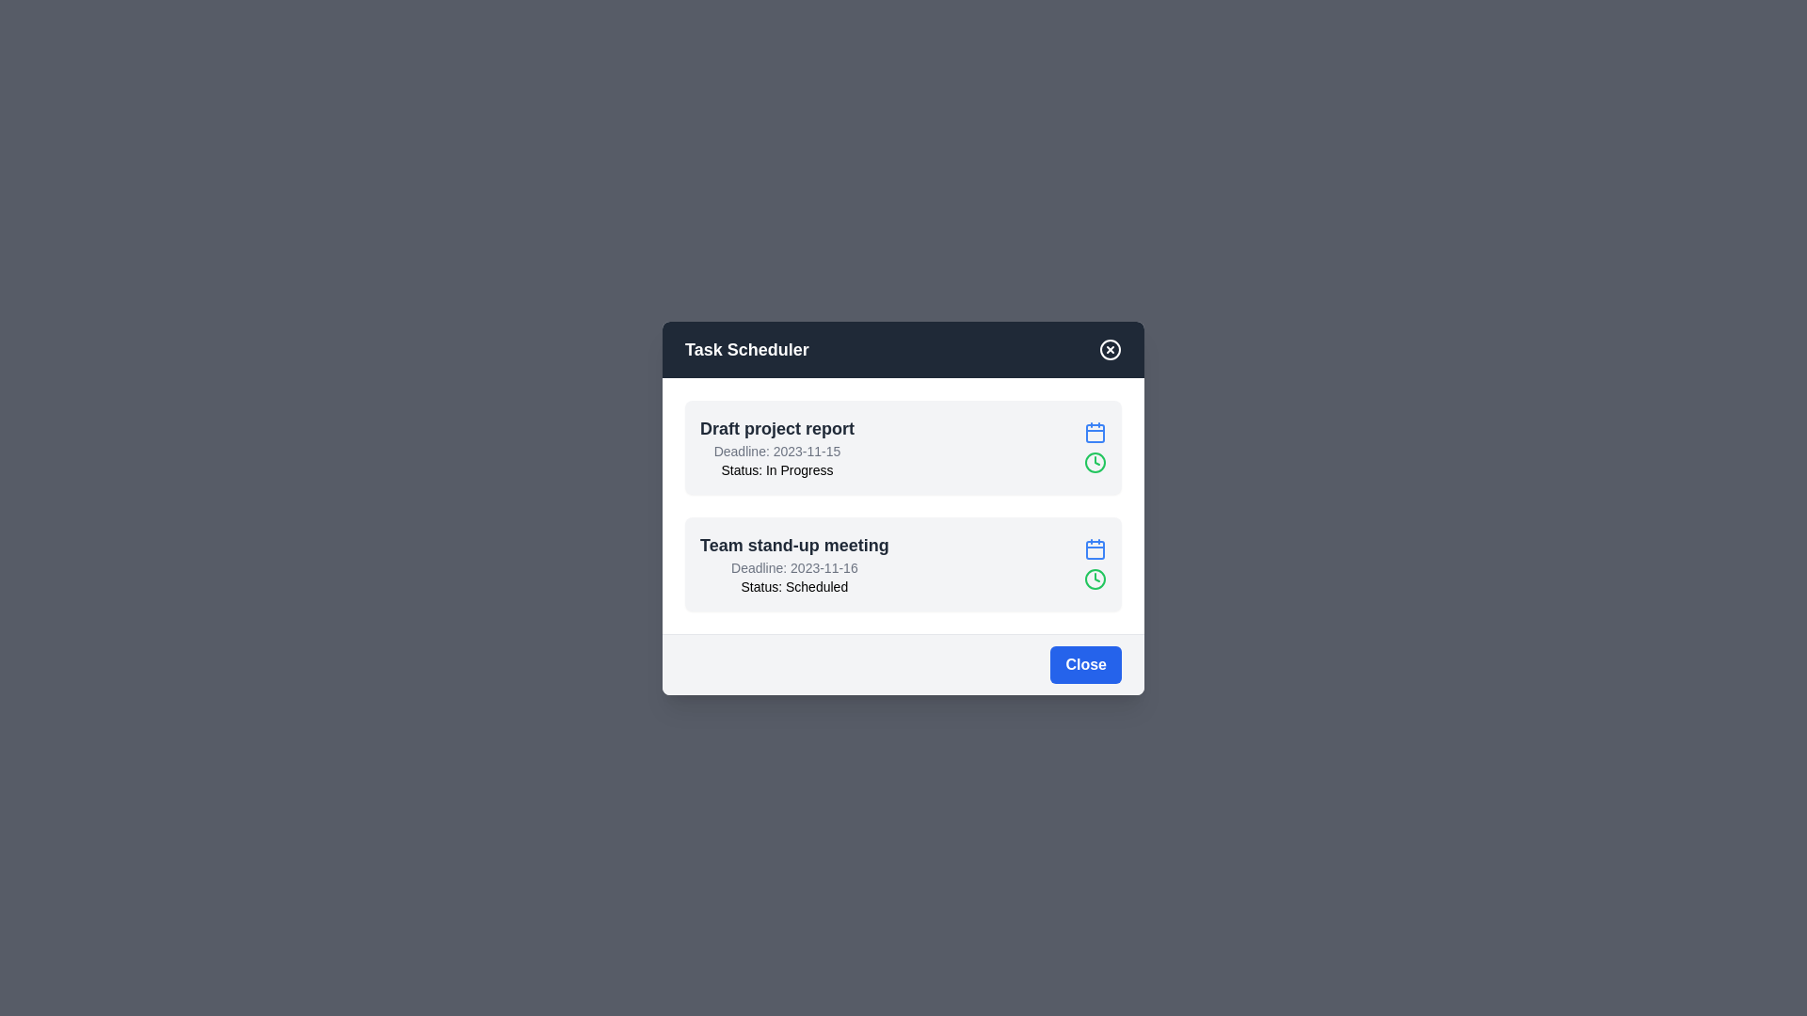  Describe the element at coordinates (776, 428) in the screenshot. I see `the task title to inspect its details` at that location.